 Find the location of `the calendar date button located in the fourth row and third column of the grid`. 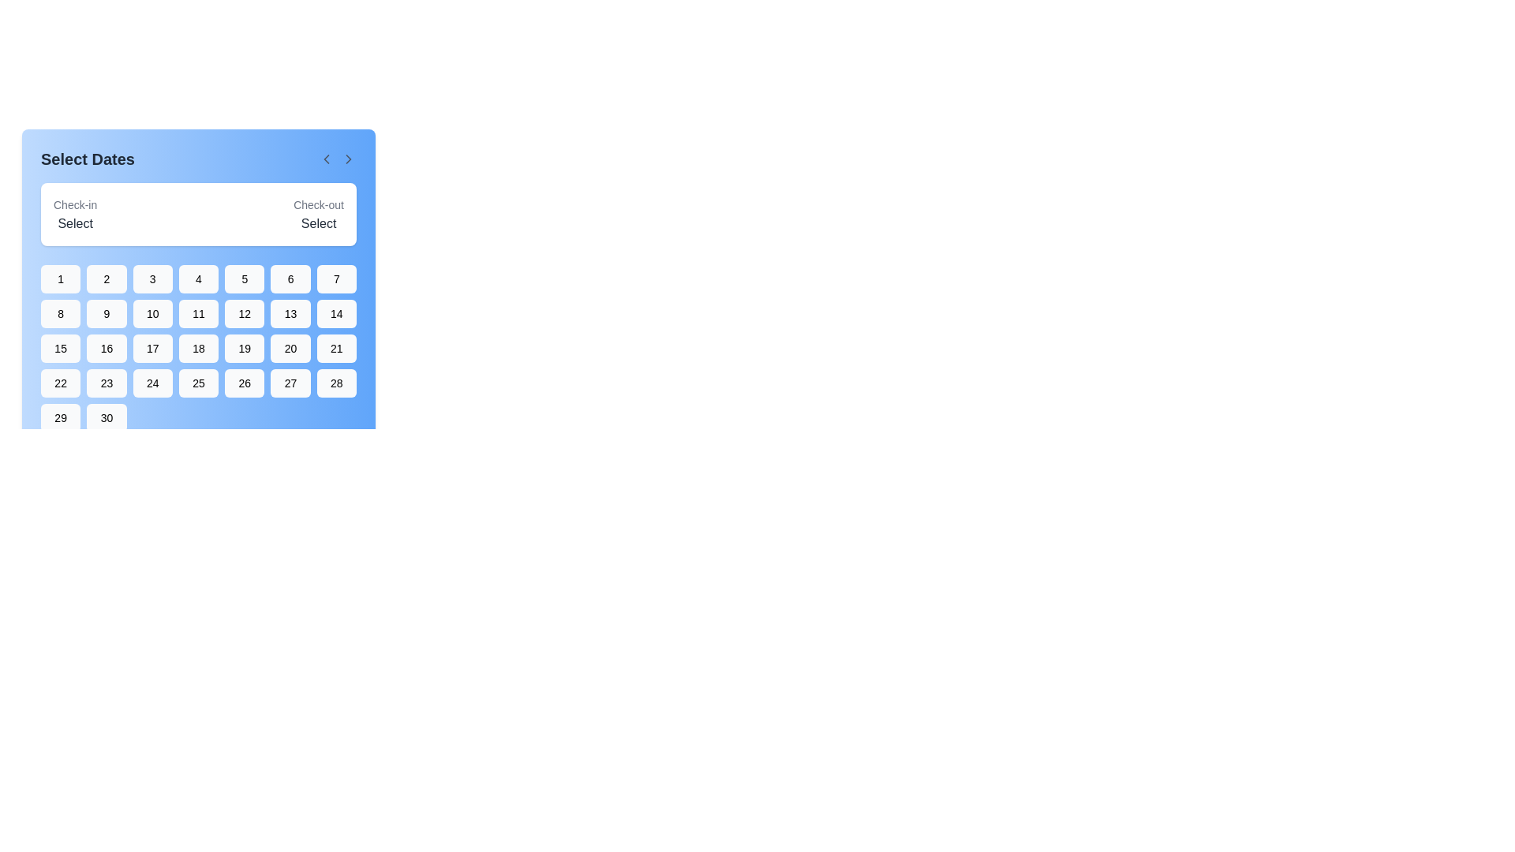

the calendar date button located in the fourth row and third column of the grid is located at coordinates (152, 383).